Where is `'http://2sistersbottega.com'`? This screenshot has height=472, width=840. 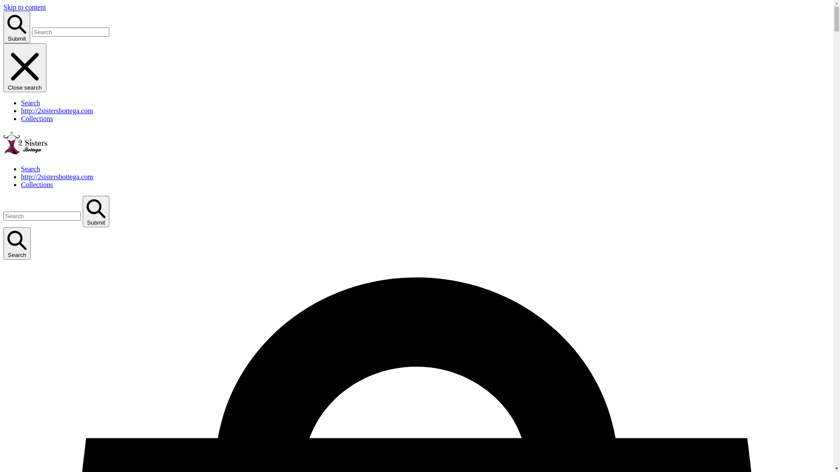
'http://2sistersbottega.com' is located at coordinates (56, 110).